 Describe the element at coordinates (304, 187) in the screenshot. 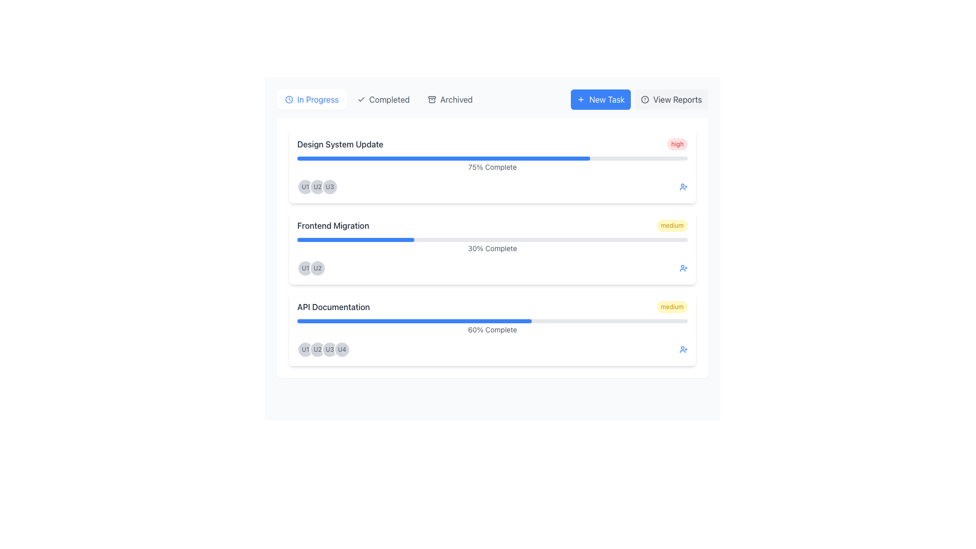

I see `the contents of the text element displaying 'U1' in light-gray color, located at the center of a circular background within the second task row labeled 'Frontend Migration'` at that location.